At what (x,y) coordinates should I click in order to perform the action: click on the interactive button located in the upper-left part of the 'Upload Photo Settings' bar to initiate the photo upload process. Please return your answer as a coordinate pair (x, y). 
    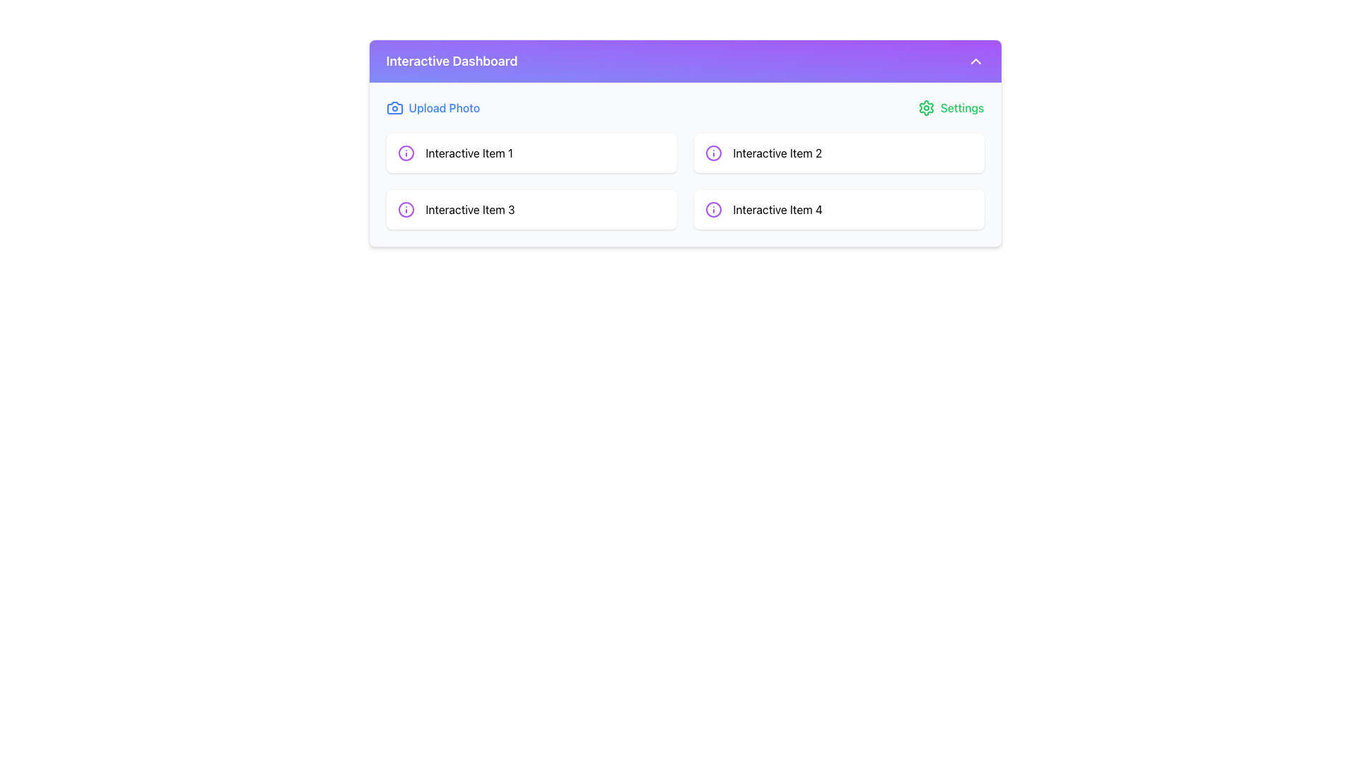
    Looking at the image, I should click on (432, 107).